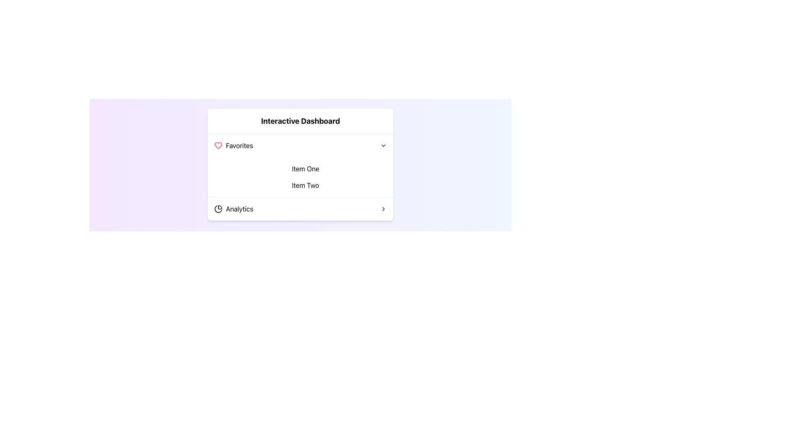 Image resolution: width=796 pixels, height=447 pixels. I want to click on the labeled option element that indicates a user's favorites or saved items, so click(233, 145).